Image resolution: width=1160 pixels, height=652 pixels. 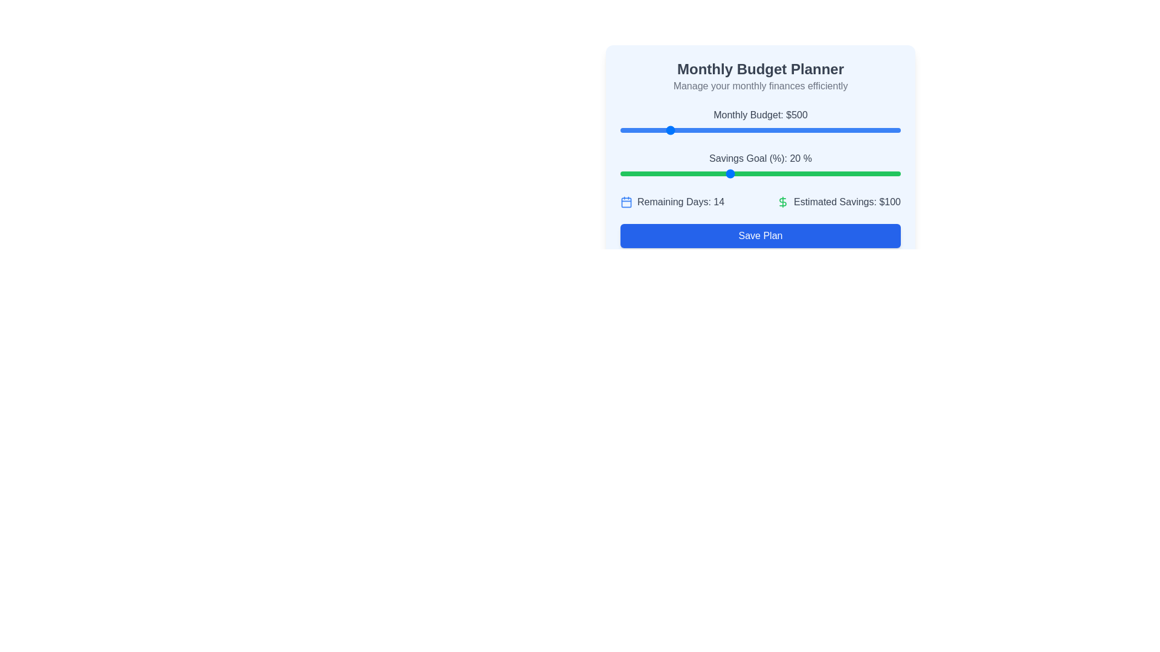 I want to click on the budget, so click(x=858, y=130).